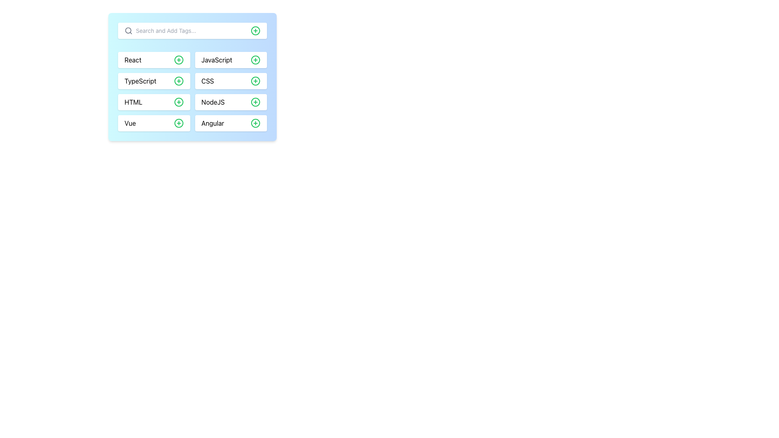  Describe the element at coordinates (178, 123) in the screenshot. I see `the circular green outlined button with a '+' sign at its center, located to the right of the 'Vue' label in the grid structure` at that location.